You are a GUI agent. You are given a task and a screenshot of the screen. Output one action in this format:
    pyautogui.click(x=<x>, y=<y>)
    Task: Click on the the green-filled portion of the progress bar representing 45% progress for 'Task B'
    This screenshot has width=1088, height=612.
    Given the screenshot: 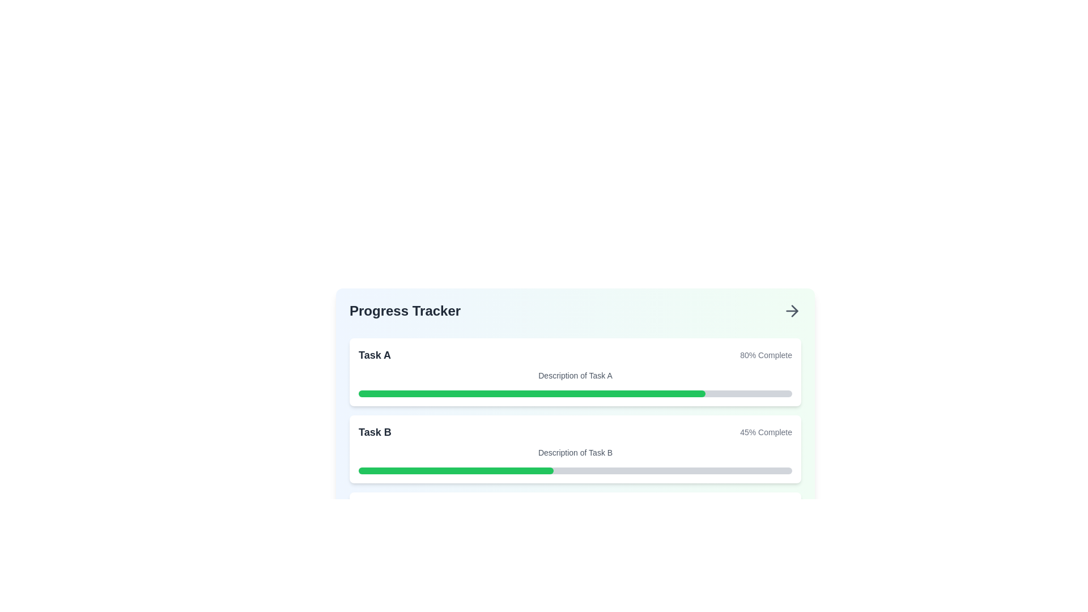 What is the action you would take?
    pyautogui.click(x=456, y=470)
    